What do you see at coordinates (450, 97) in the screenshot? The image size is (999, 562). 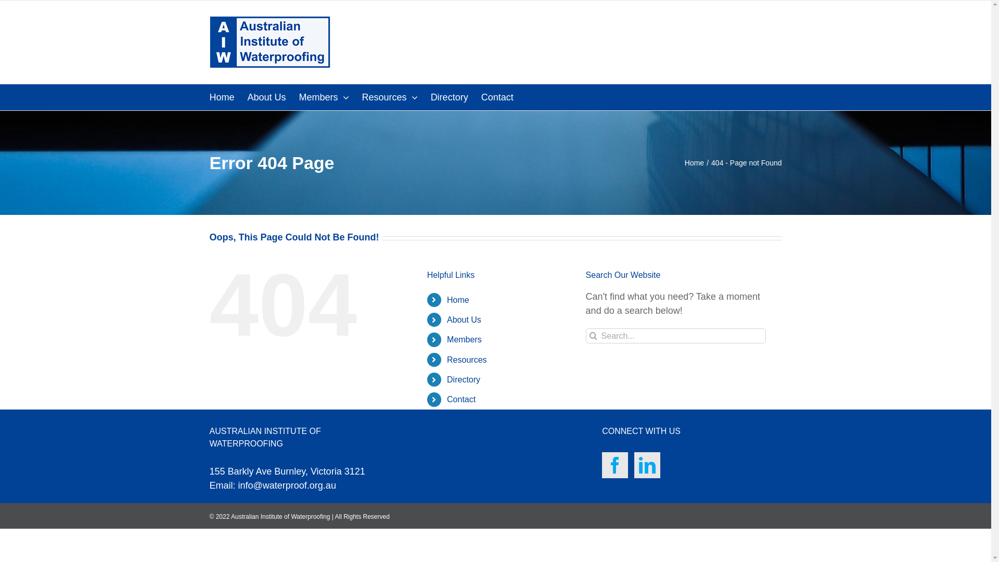 I see `'Directory'` at bounding box center [450, 97].